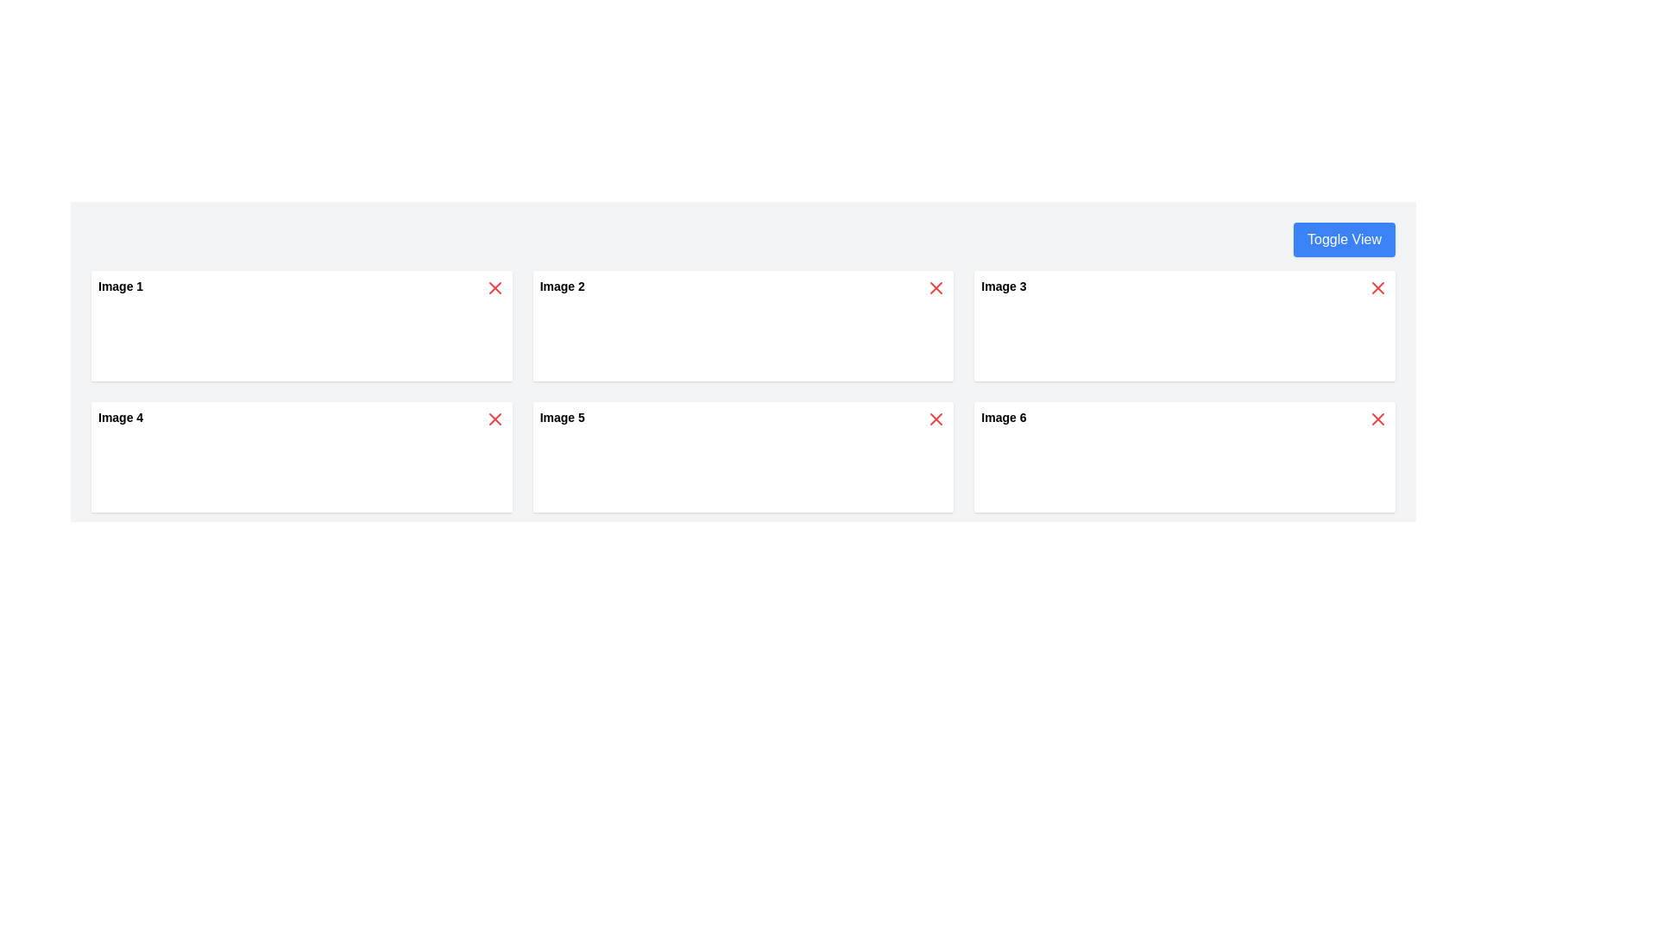  What do you see at coordinates (562, 285) in the screenshot?
I see `the Text Label located at the top-left corner of the second card in the upper row of a grid layout` at bounding box center [562, 285].